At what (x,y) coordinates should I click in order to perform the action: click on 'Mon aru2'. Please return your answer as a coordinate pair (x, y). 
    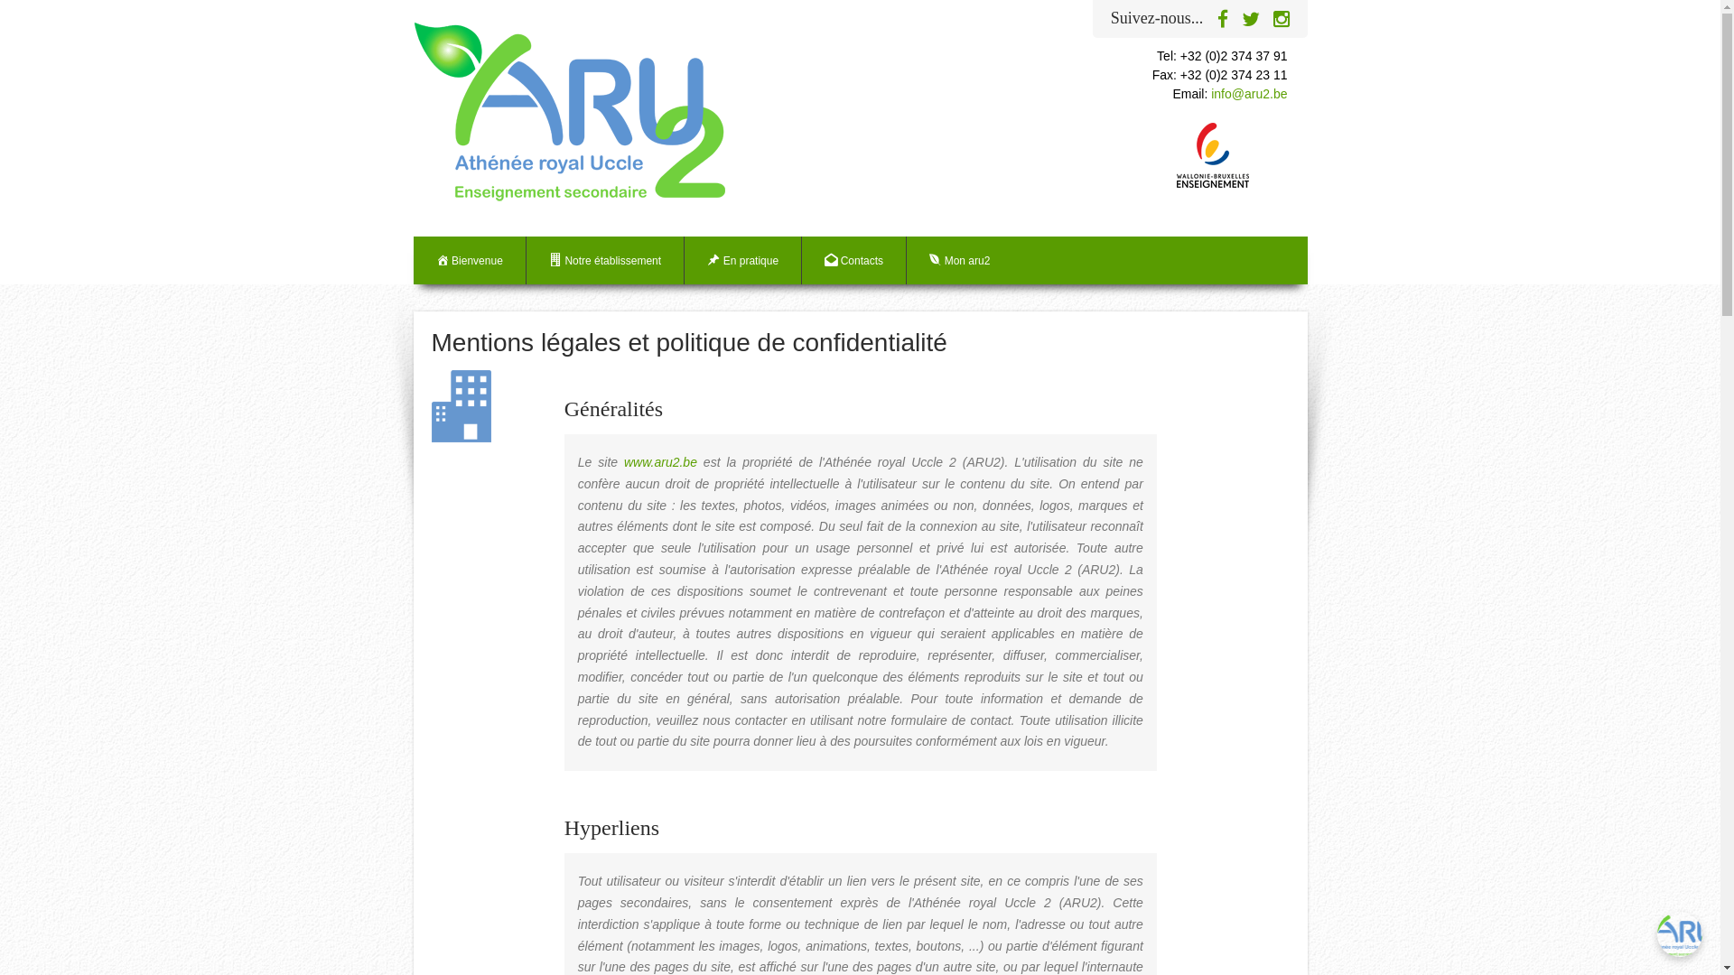
    Looking at the image, I should click on (906, 260).